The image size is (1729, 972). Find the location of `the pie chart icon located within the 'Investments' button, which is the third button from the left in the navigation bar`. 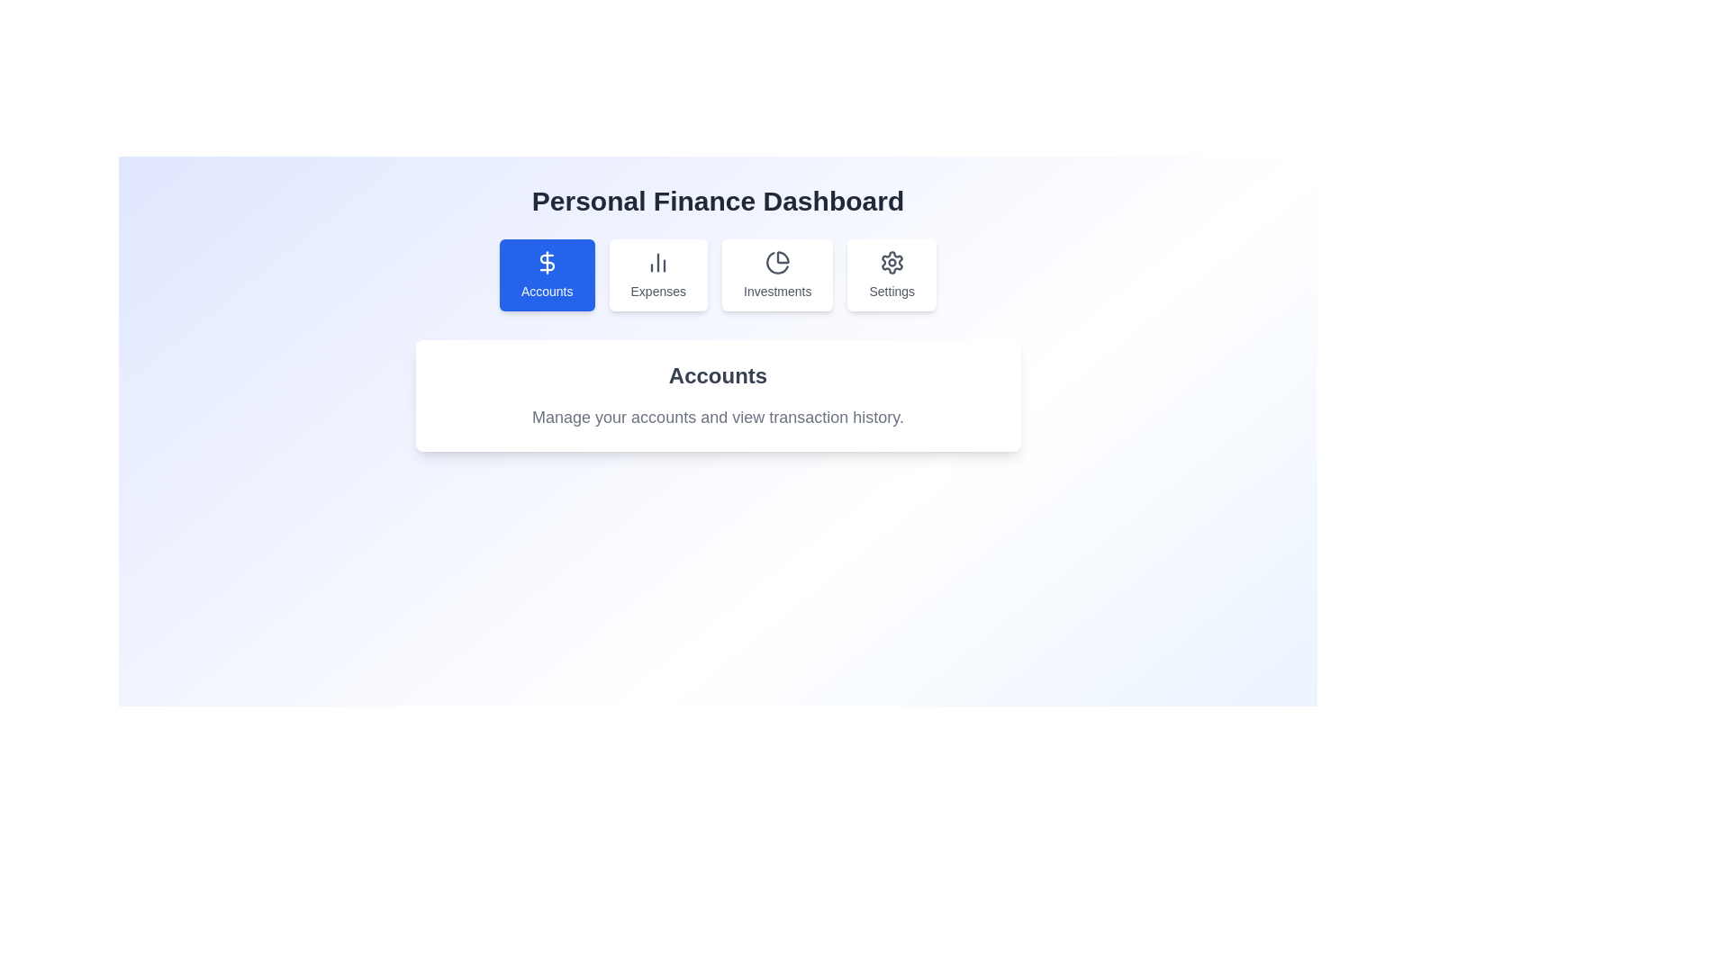

the pie chart icon located within the 'Investments' button, which is the third button from the left in the navigation bar is located at coordinates (777, 263).